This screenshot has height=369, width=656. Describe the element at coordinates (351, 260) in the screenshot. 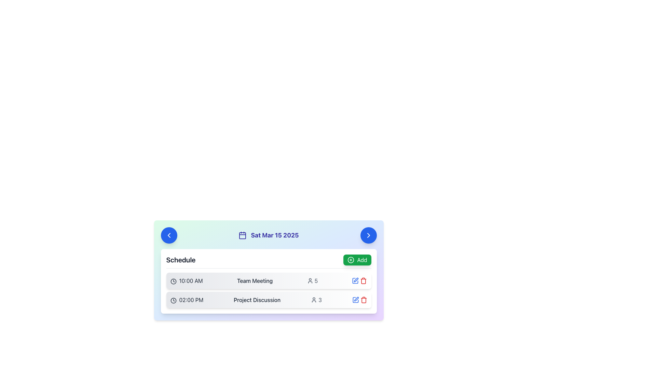

I see `attention on the circular 'Add' graphic element` at that location.